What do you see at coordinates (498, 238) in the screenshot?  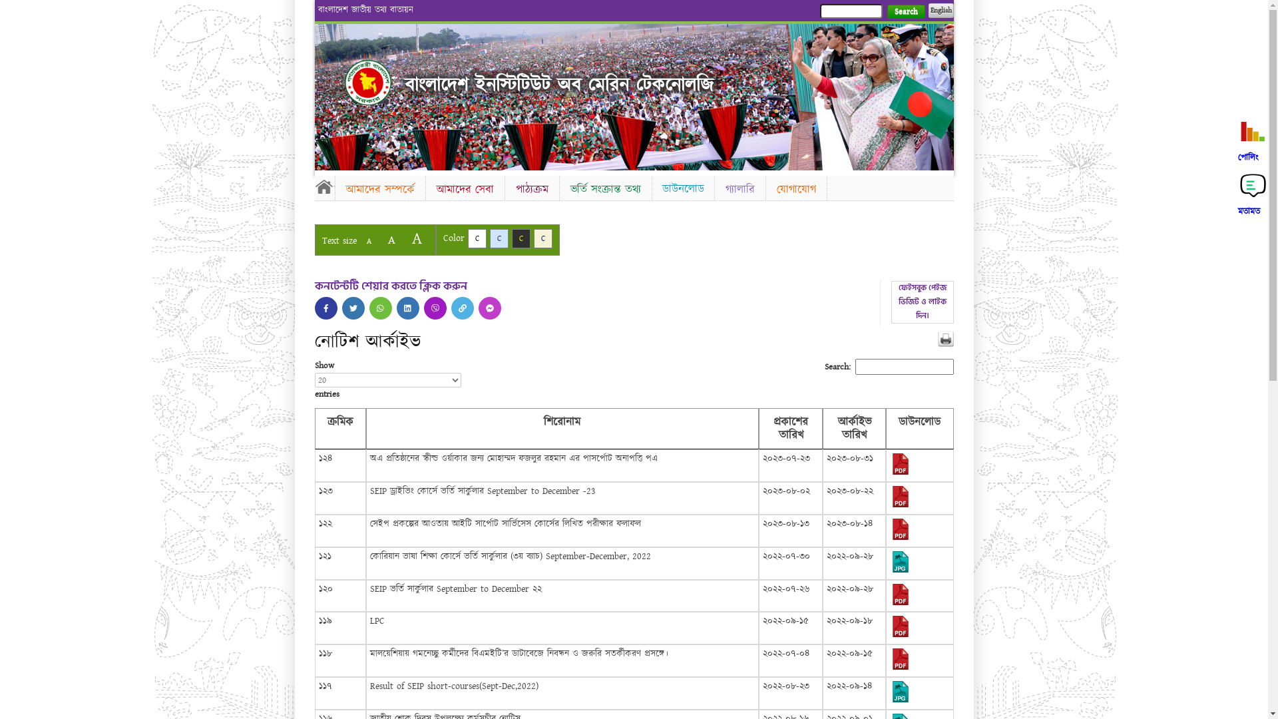 I see `'C'` at bounding box center [498, 238].